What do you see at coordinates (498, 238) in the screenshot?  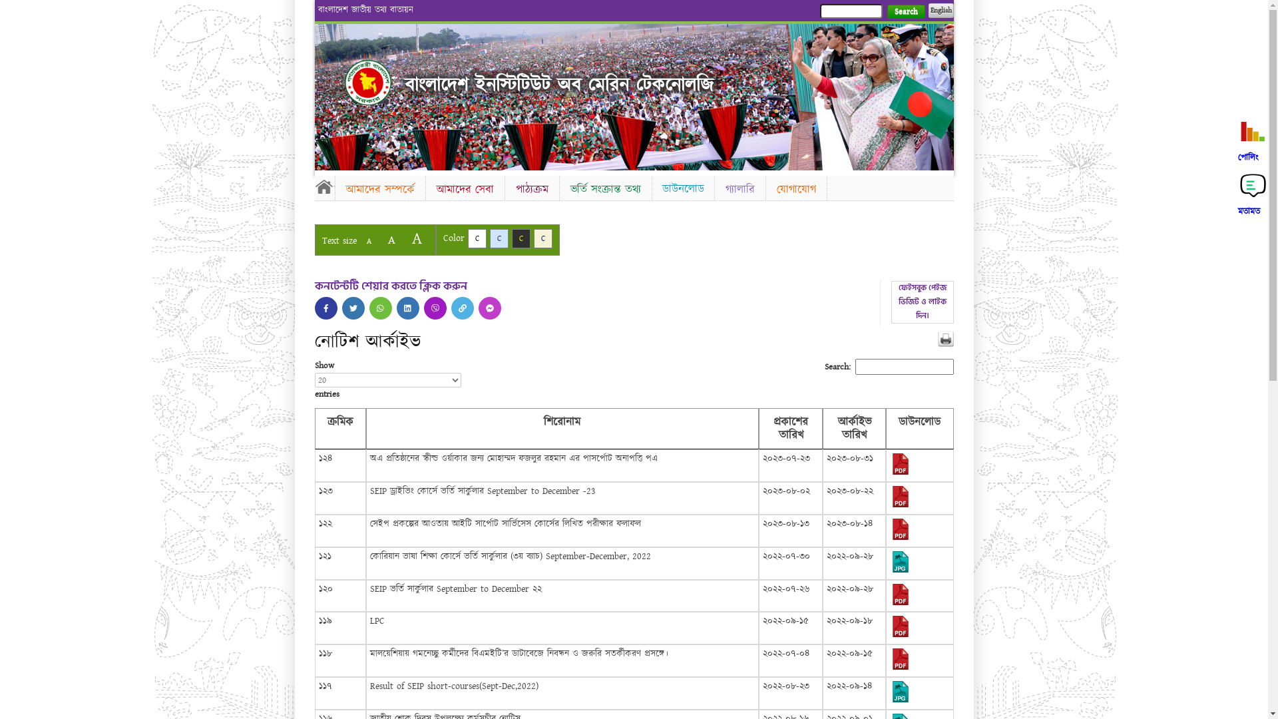 I see `'C'` at bounding box center [498, 238].